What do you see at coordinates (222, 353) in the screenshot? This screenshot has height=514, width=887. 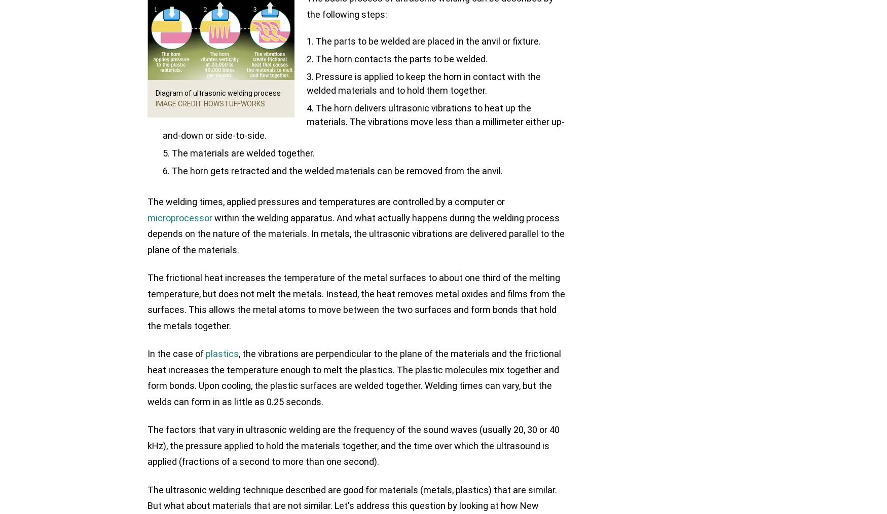 I see `'plastics'` at bounding box center [222, 353].